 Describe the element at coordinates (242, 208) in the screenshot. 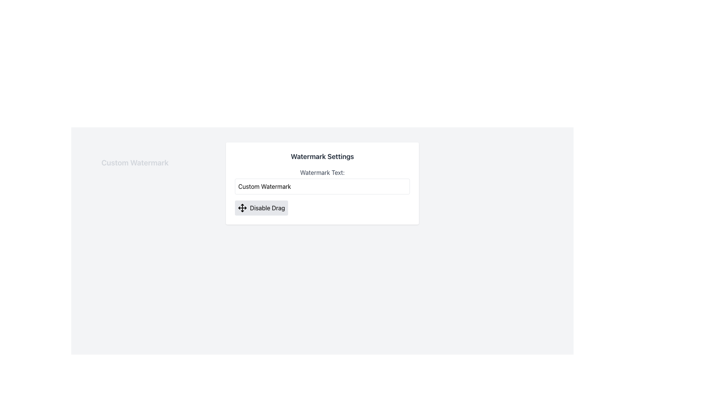

I see `the icon resembling four arrows pointing outward, located on the gray rectangular button labeled 'Disable Drag' in the 'Watermark Settings' section` at that location.